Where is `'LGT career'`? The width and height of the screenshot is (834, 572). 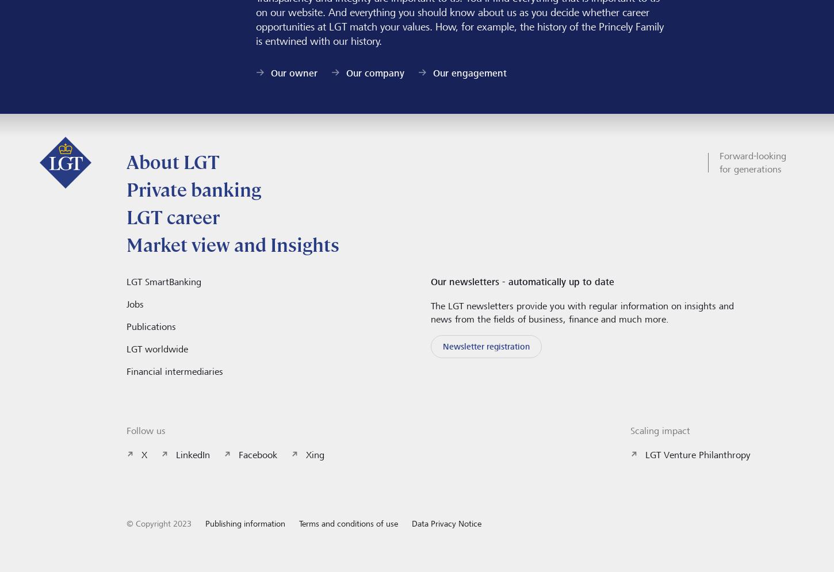
'LGT career' is located at coordinates (173, 217).